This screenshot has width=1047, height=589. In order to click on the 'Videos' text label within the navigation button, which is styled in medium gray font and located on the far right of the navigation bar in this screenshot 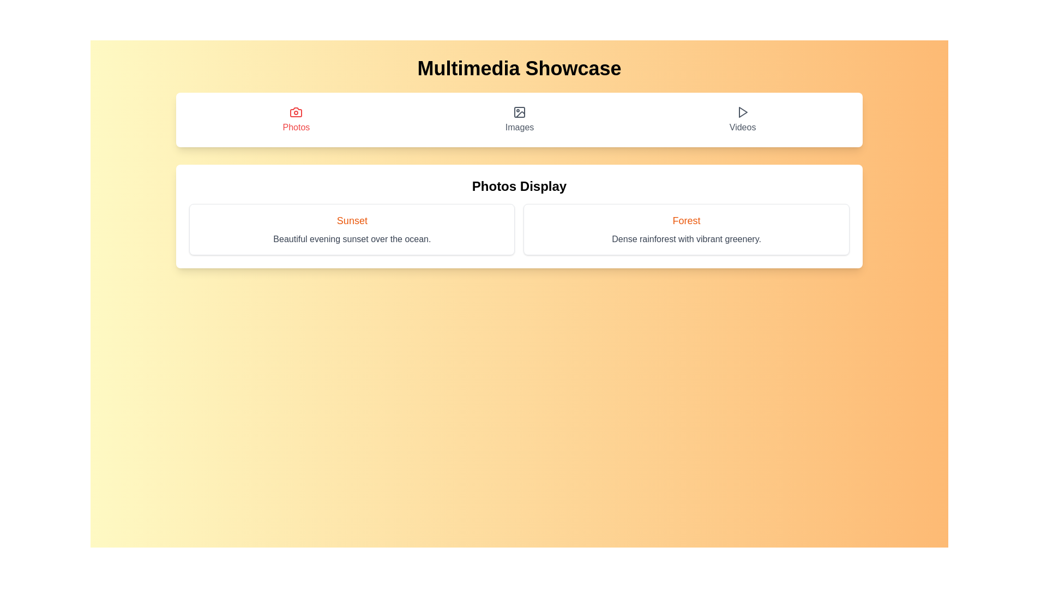, I will do `click(742, 127)`.